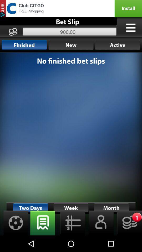  What do you see at coordinates (71, 144) in the screenshot?
I see `bet slip app page content` at bounding box center [71, 144].